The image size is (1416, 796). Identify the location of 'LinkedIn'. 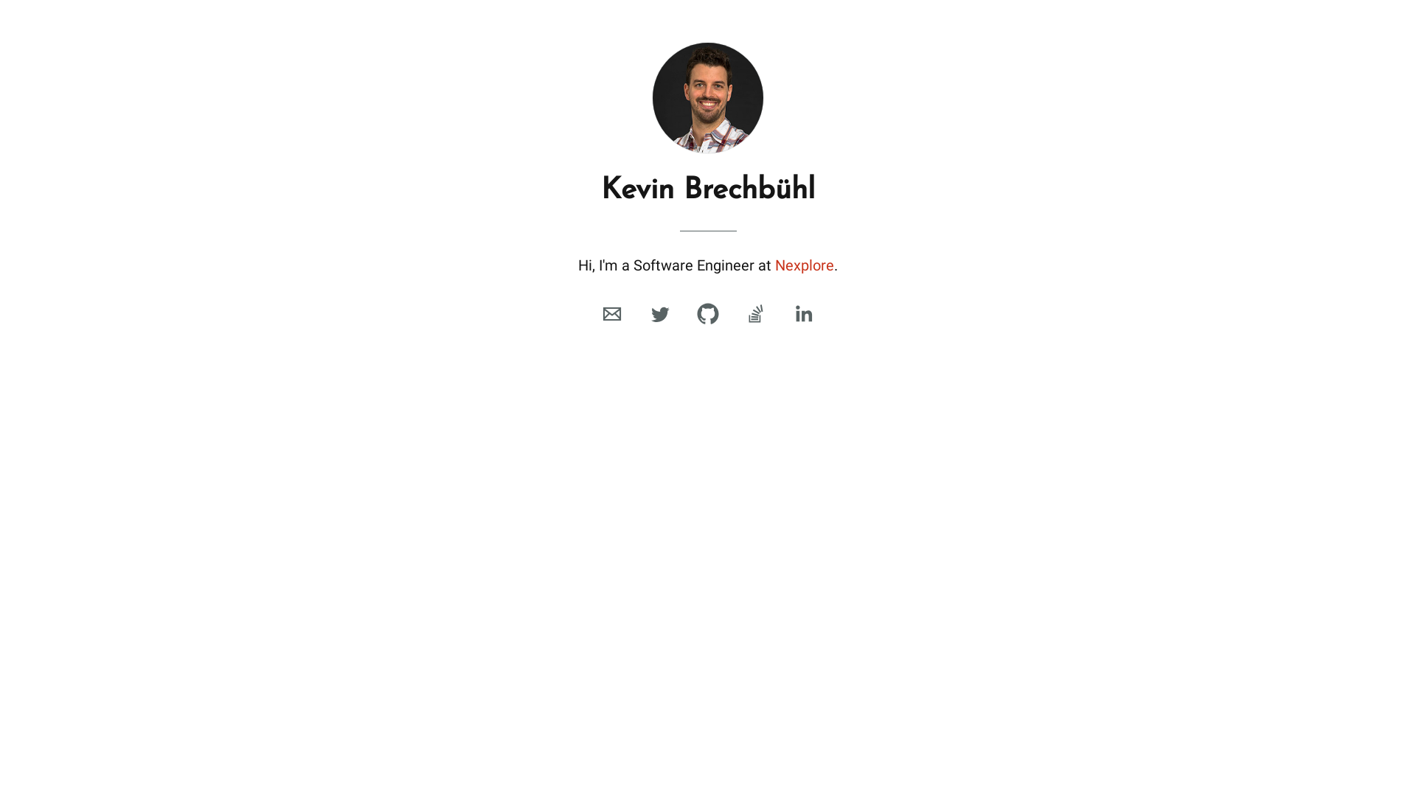
(802, 313).